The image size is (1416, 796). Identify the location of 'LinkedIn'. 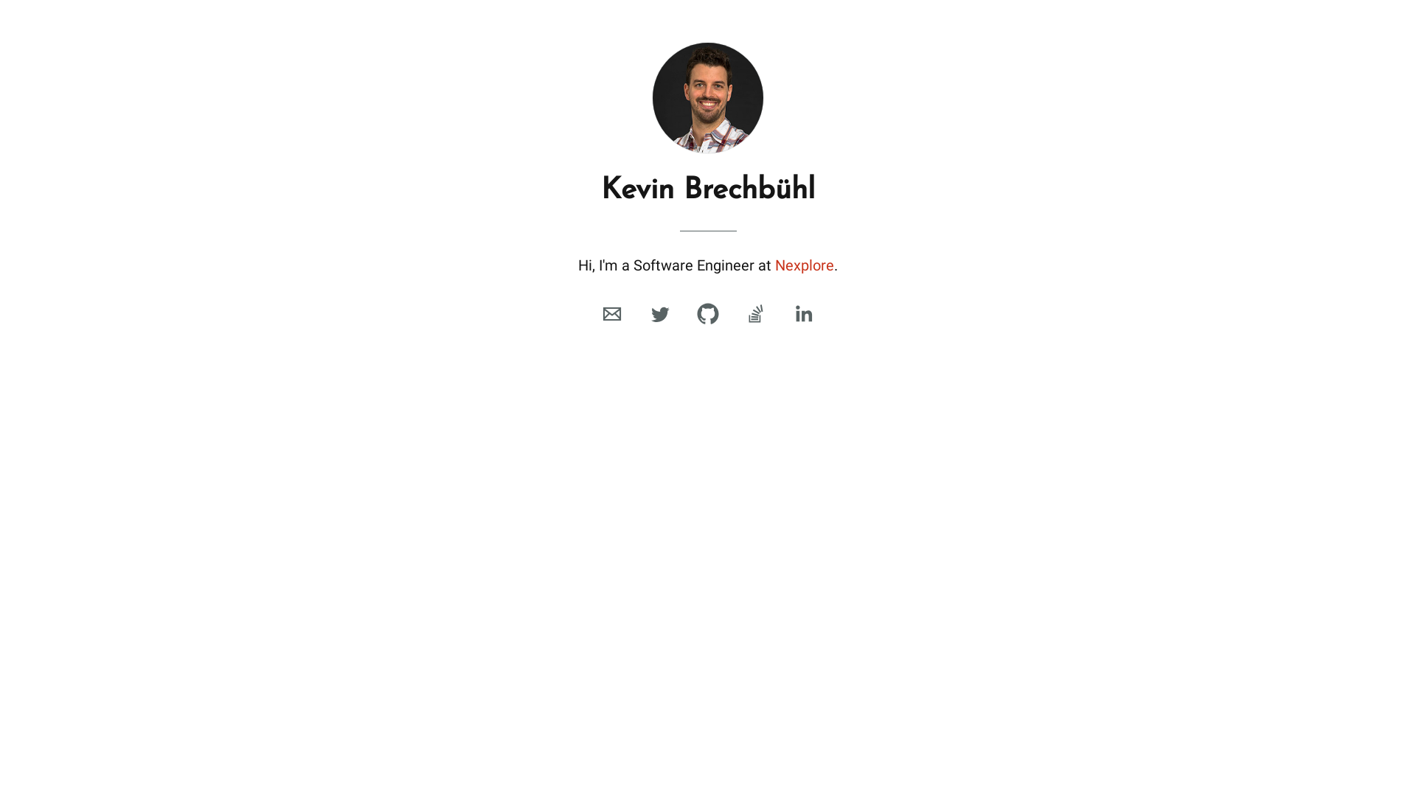
(802, 313).